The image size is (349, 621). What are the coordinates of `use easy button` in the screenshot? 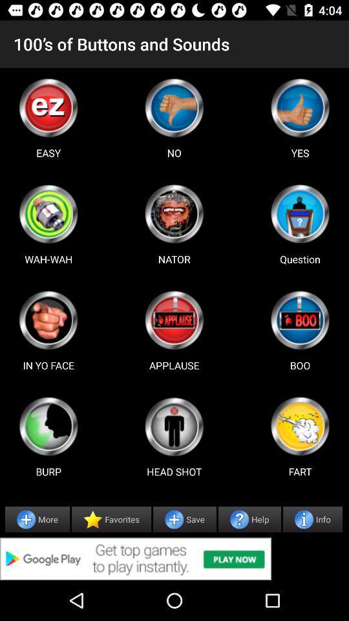 It's located at (48, 107).